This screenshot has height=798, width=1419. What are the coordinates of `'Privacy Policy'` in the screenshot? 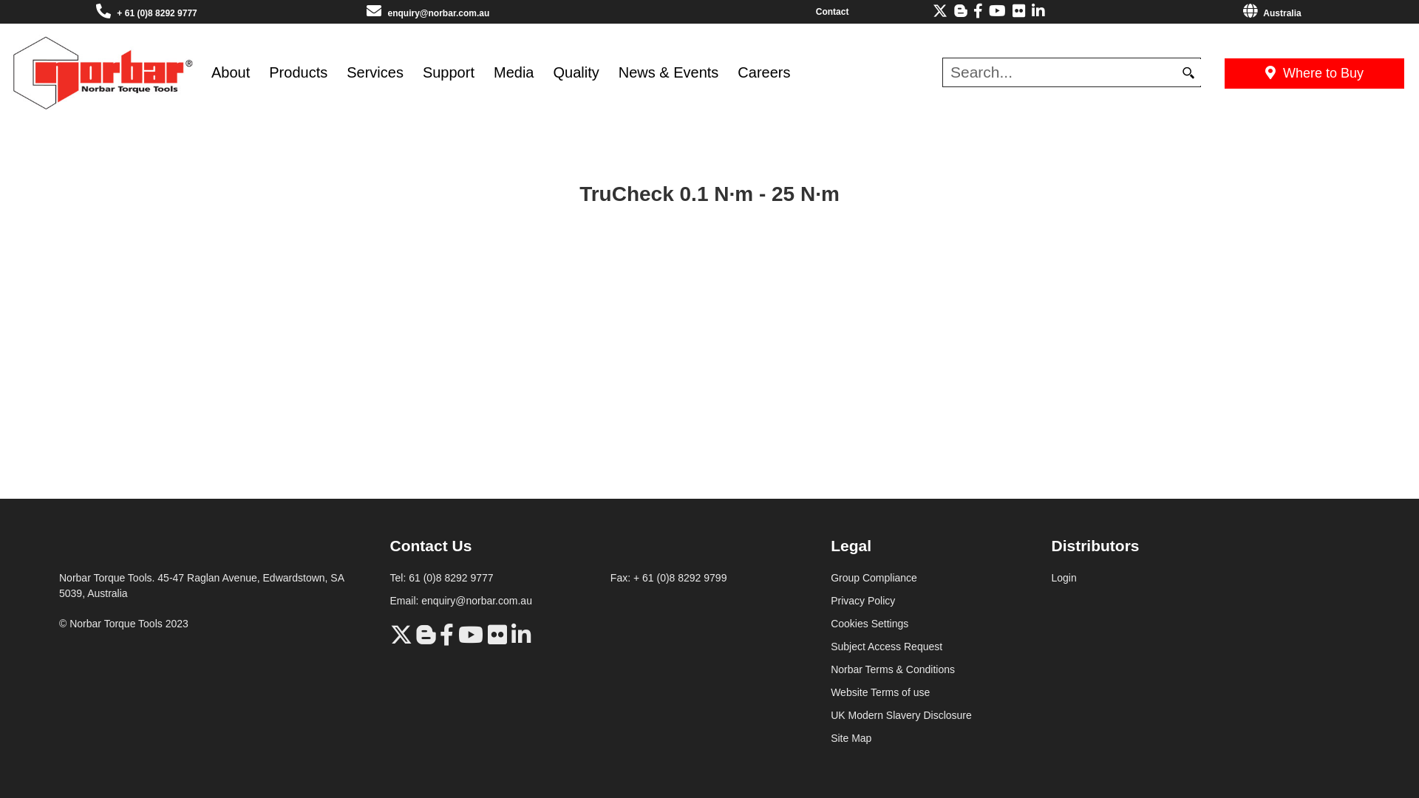 It's located at (862, 601).